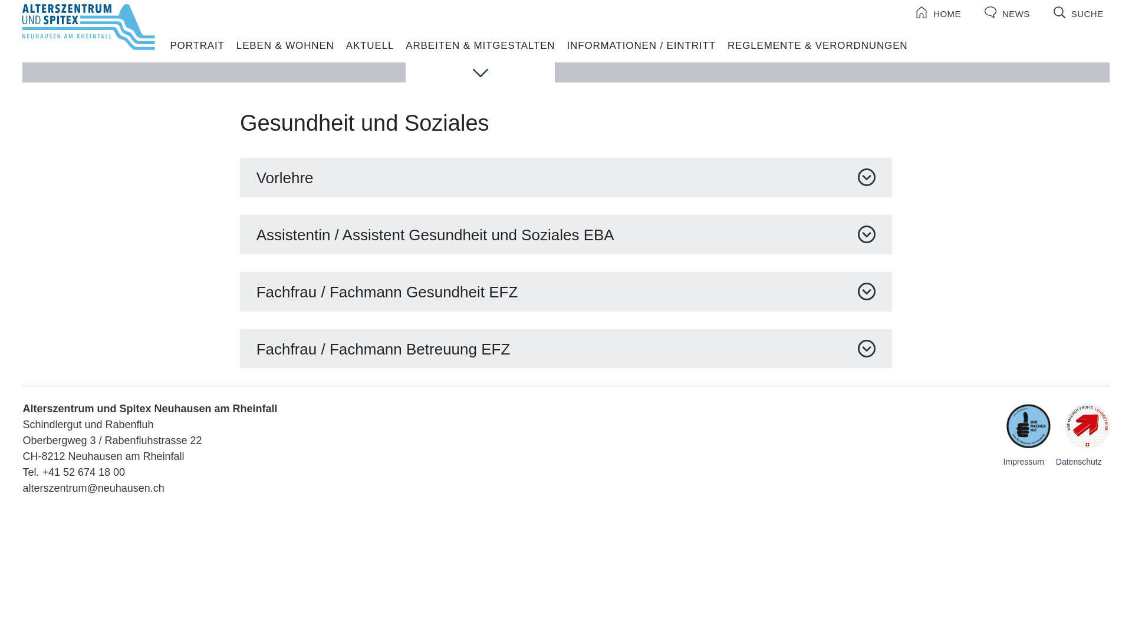  I want to click on 'ARBEITEN & MITGESTALTEN', so click(480, 60).